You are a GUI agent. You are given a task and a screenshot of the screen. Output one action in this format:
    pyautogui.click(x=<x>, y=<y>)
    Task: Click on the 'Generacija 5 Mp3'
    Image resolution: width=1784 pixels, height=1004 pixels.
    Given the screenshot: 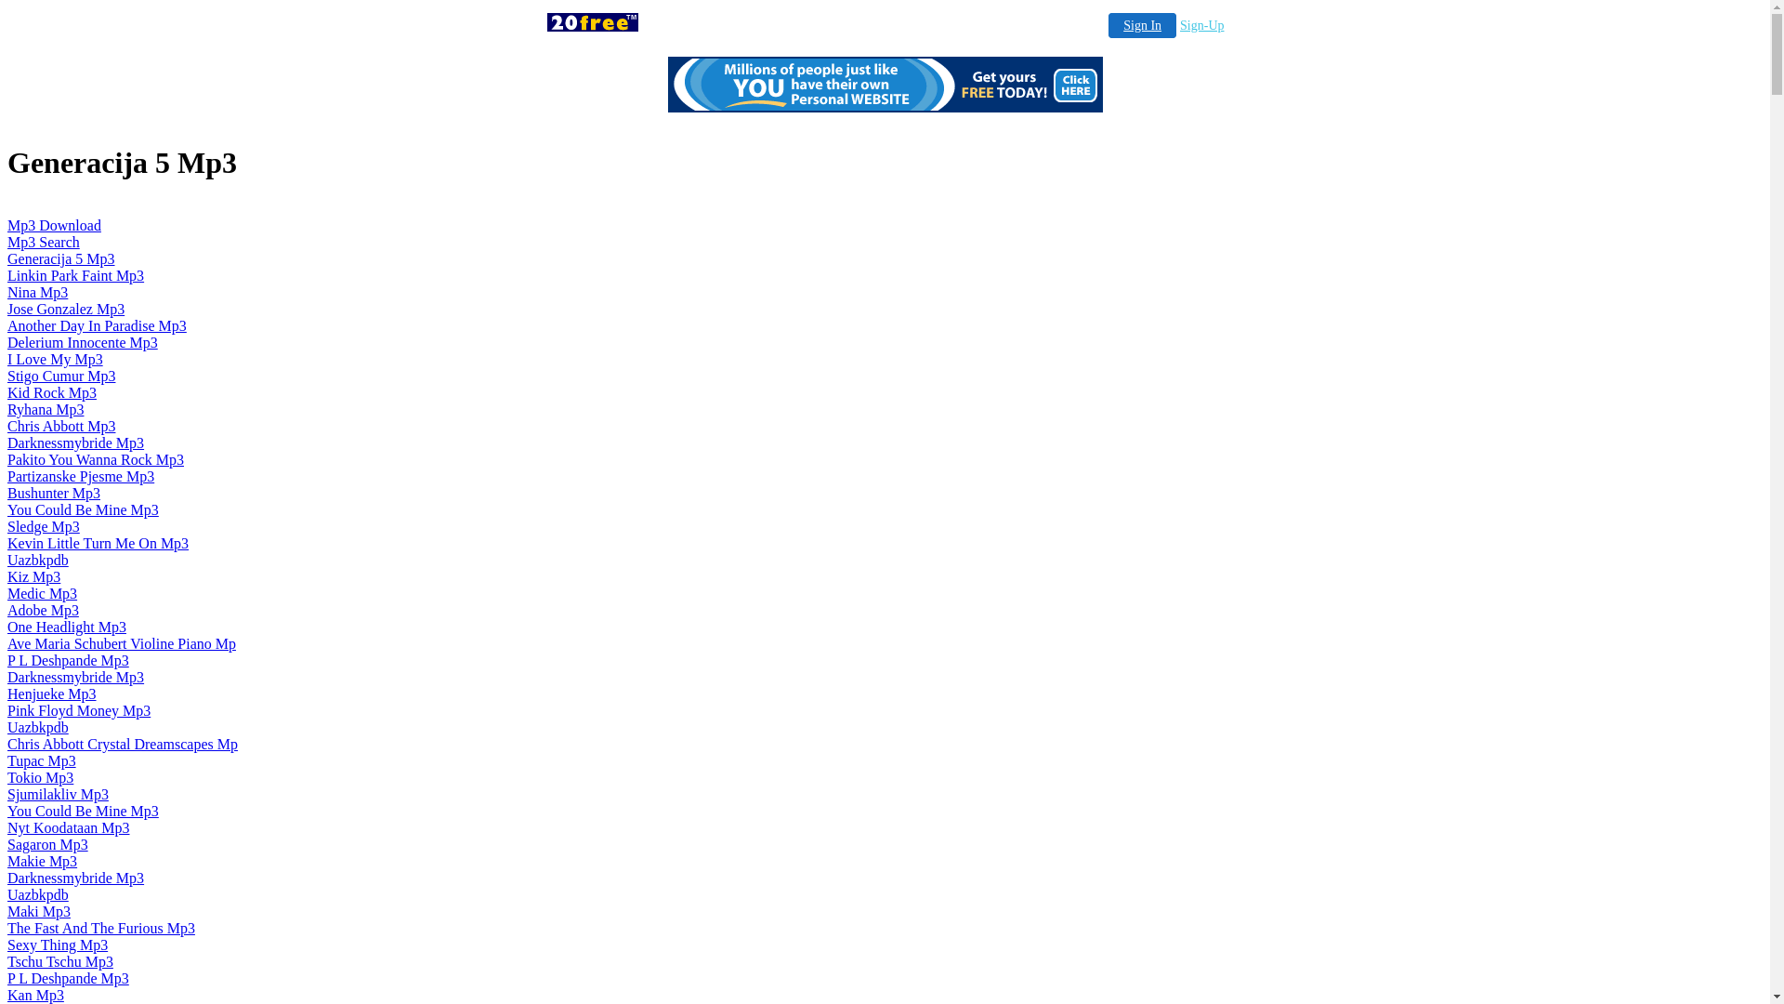 What is the action you would take?
    pyautogui.click(x=61, y=258)
    